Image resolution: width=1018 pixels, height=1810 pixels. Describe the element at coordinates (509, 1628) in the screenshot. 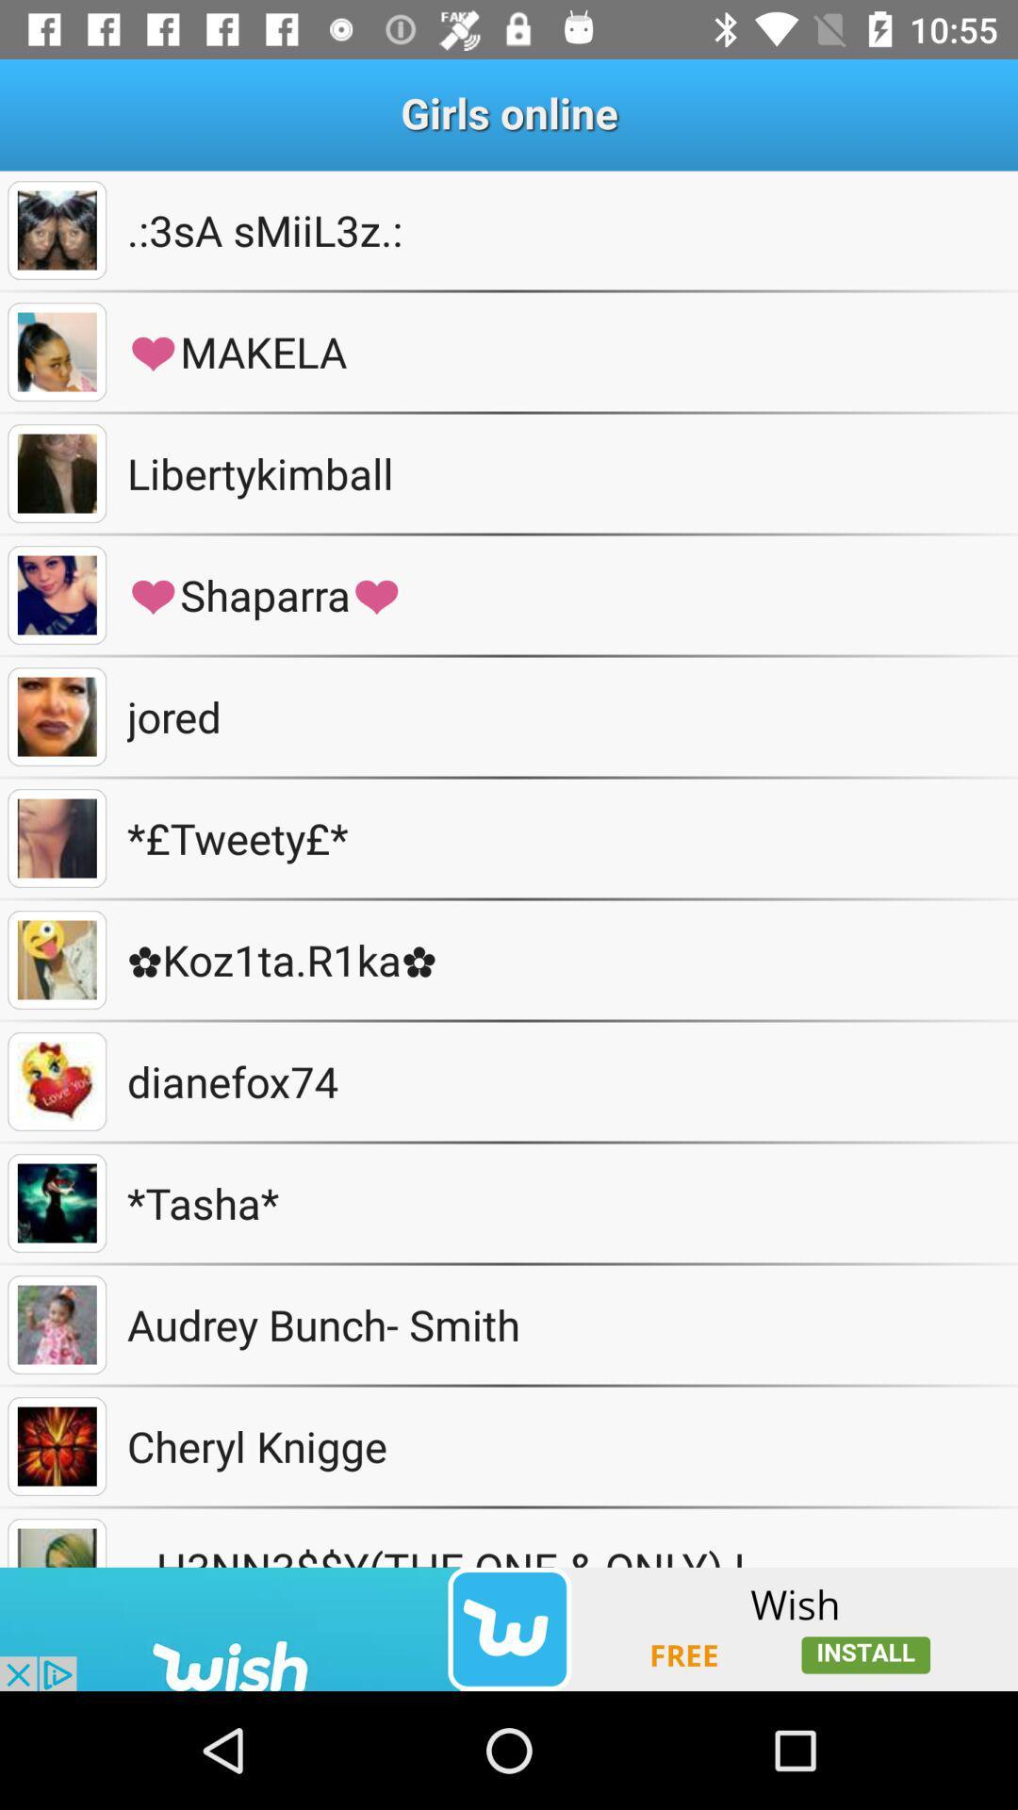

I see `to view add` at that location.